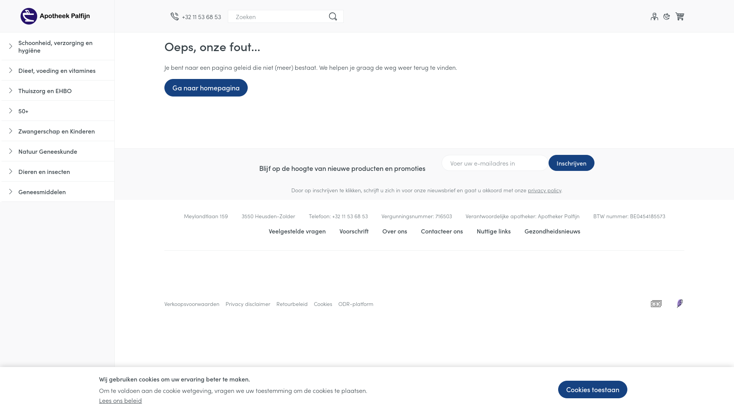 The height and width of the screenshot is (412, 734). I want to click on 'privacy policy', so click(527, 189).